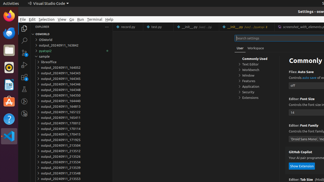  What do you see at coordinates (71, 39) in the screenshot?
I see `'OSWorld'` at bounding box center [71, 39].